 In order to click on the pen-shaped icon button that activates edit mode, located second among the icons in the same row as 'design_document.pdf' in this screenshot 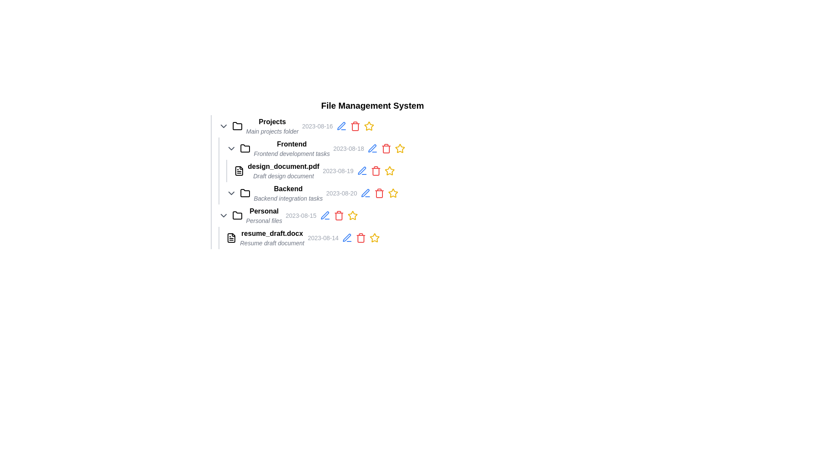, I will do `click(362, 171)`.